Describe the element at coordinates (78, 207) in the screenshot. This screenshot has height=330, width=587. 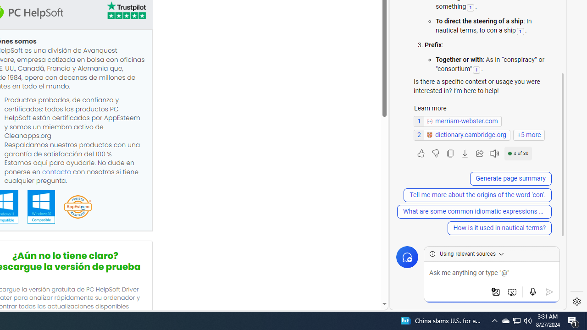
I see `'App Esteem'` at that location.